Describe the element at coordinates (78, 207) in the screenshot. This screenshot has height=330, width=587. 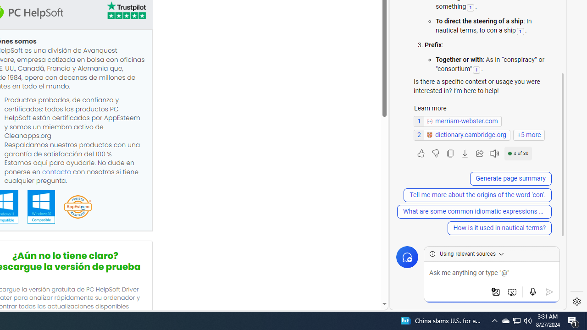
I see `'App Esteem'` at that location.